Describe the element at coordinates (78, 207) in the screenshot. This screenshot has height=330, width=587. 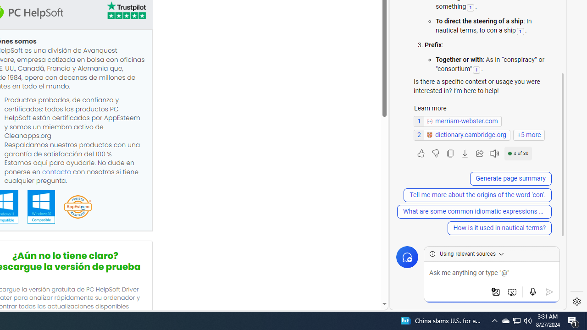
I see `'App Esteem'` at that location.